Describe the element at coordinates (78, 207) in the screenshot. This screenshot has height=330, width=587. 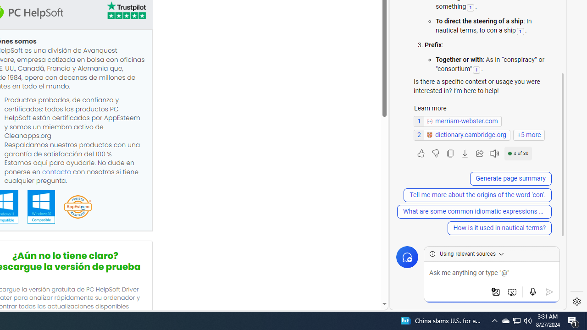
I see `'App Esteem'` at that location.